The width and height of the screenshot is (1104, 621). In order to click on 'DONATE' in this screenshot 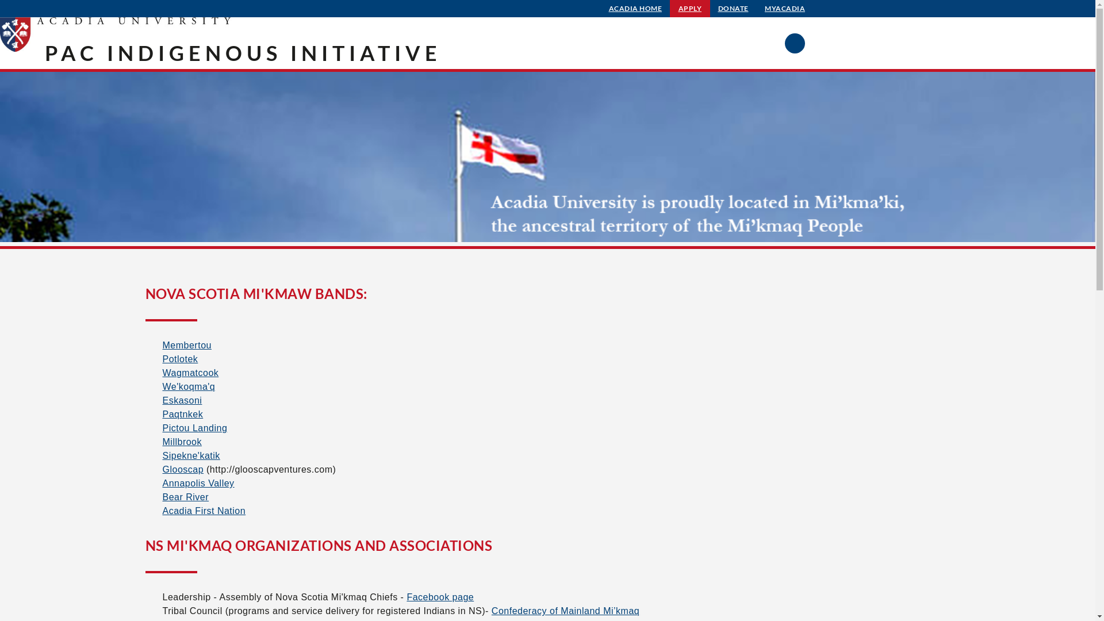, I will do `click(733, 9)`.